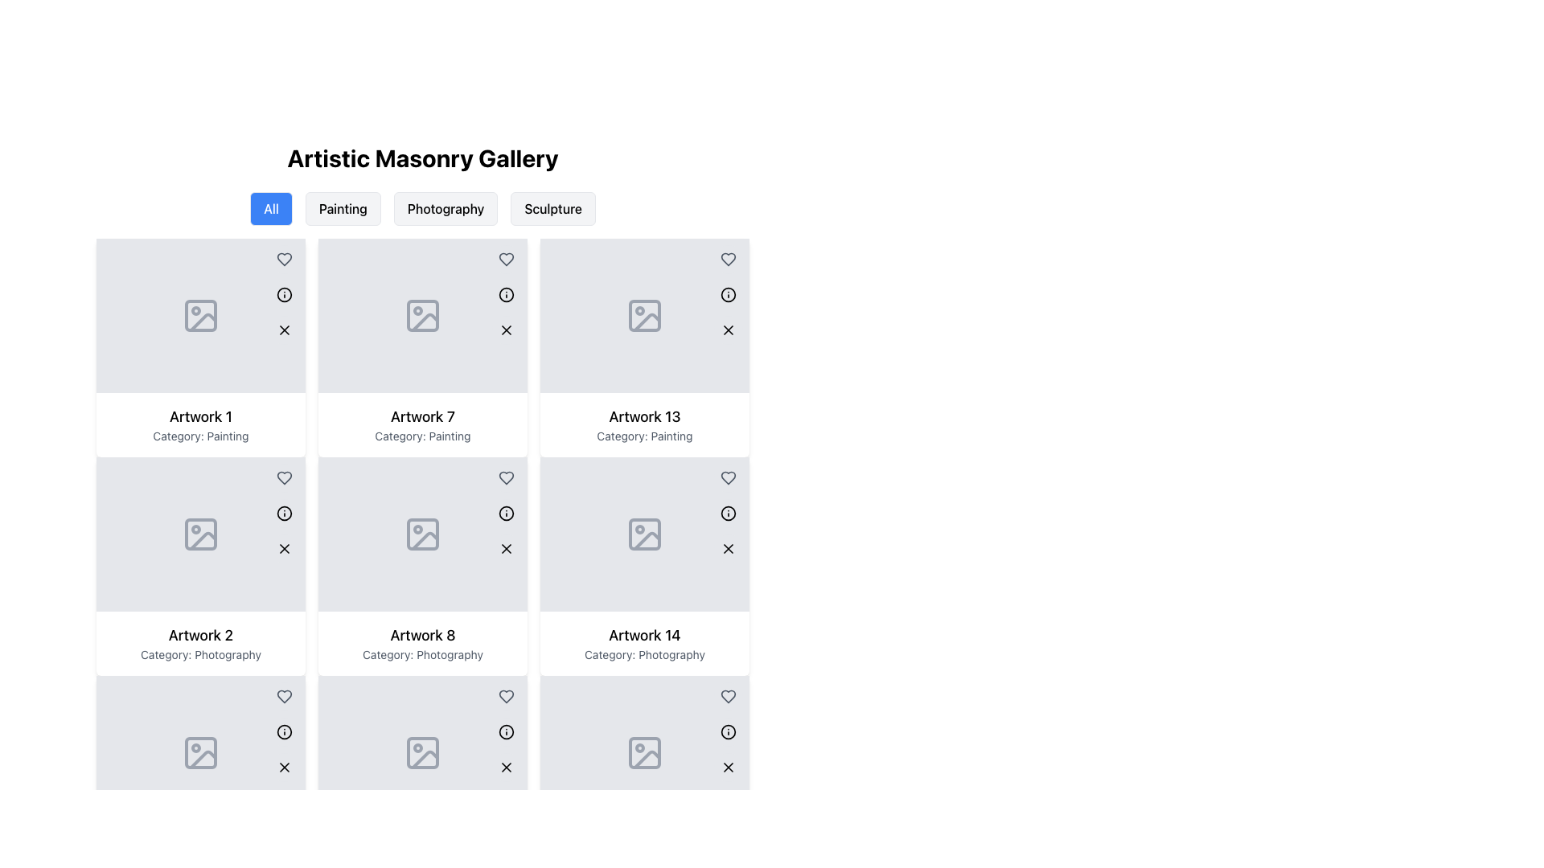 Image resolution: width=1544 pixels, height=868 pixels. What do you see at coordinates (423, 634) in the screenshot?
I see `the 'Artwork 8' label, which is displayed in a bold and prominent font within the middle column of a three-column layout` at bounding box center [423, 634].